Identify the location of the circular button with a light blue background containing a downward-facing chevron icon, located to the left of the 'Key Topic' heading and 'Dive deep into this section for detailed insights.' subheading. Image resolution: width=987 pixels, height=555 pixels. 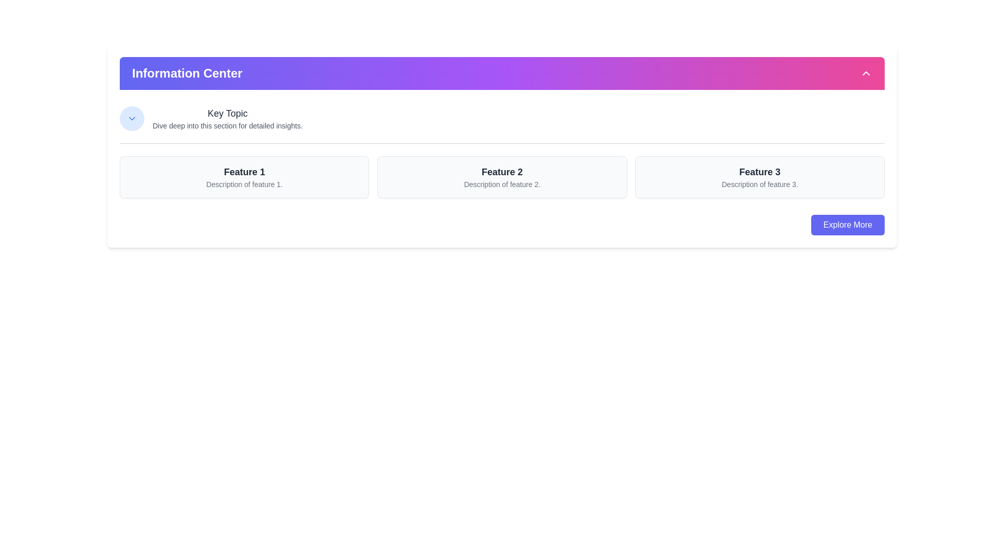
(132, 118).